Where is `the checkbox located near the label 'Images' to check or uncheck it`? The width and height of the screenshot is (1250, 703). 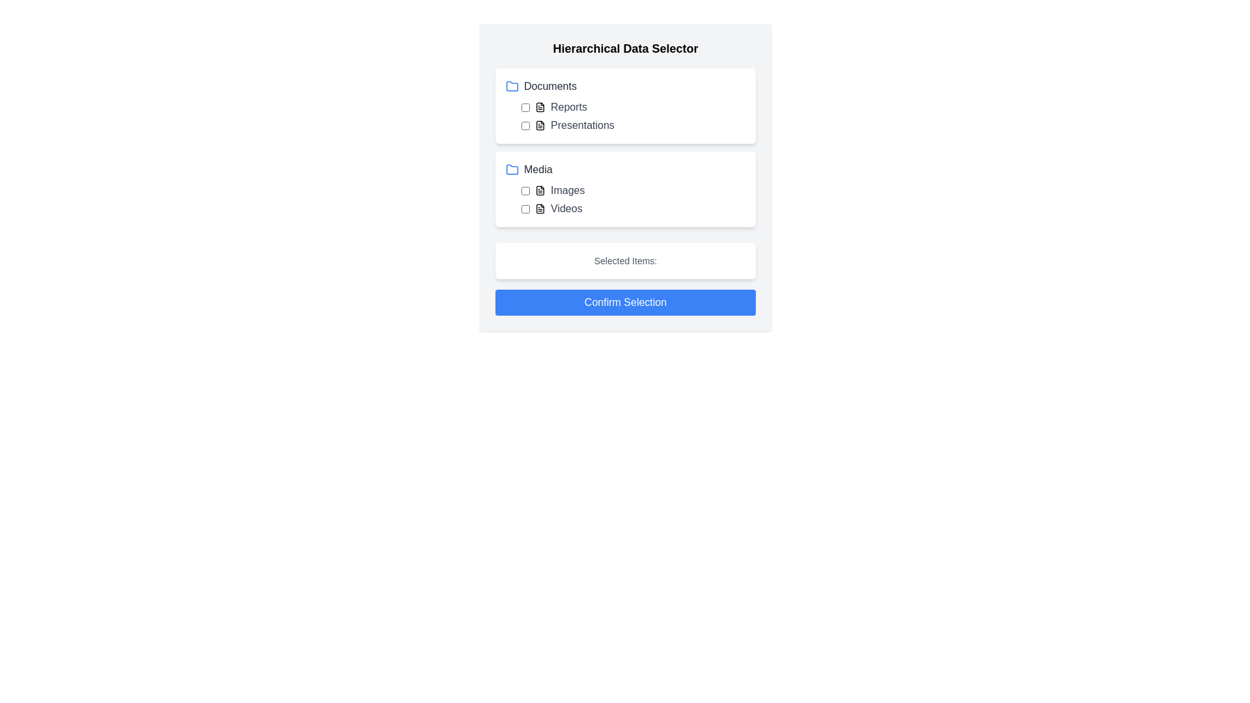 the checkbox located near the label 'Images' to check or uncheck it is located at coordinates (525, 191).